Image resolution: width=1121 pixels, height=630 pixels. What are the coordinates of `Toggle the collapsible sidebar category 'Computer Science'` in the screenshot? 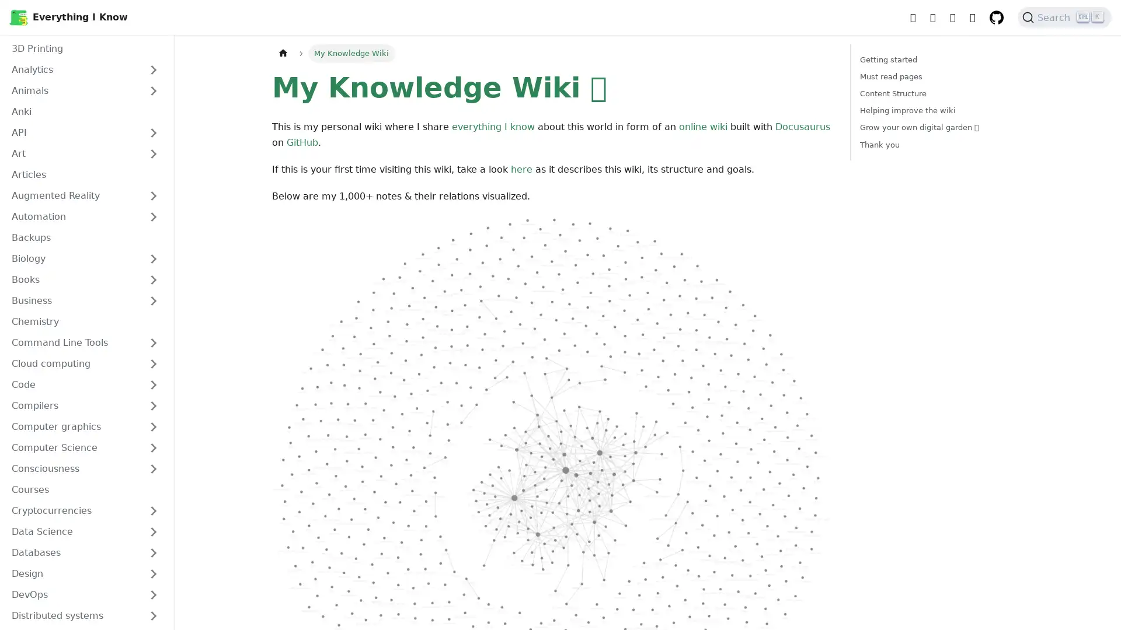 It's located at (153, 447).